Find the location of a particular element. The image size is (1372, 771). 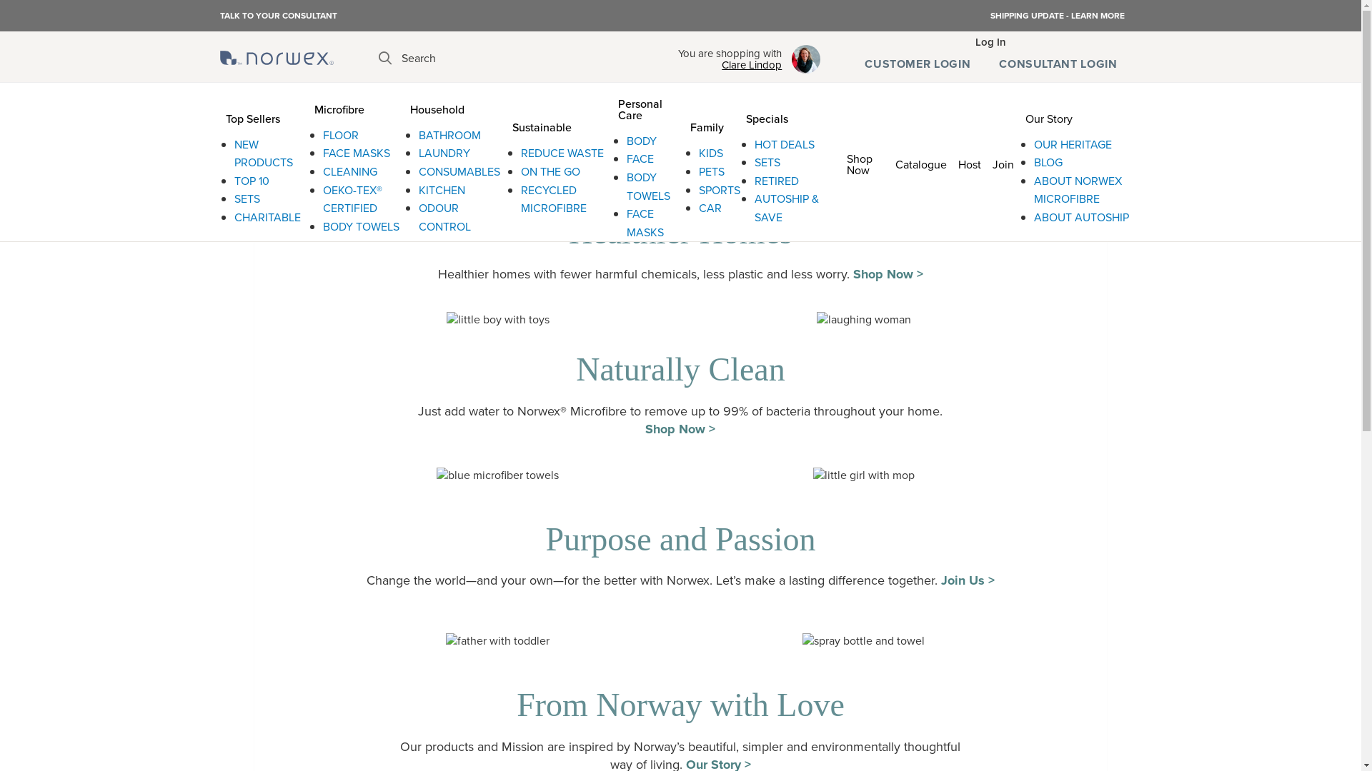

'CONSUMABLES' is located at coordinates (459, 171).